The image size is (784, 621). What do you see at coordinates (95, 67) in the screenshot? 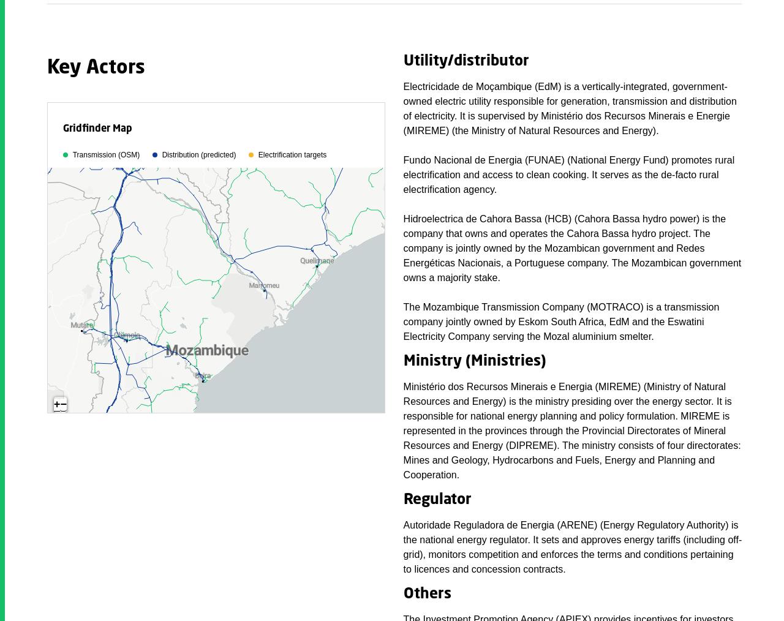
I see `'Key Actors'` at bounding box center [95, 67].